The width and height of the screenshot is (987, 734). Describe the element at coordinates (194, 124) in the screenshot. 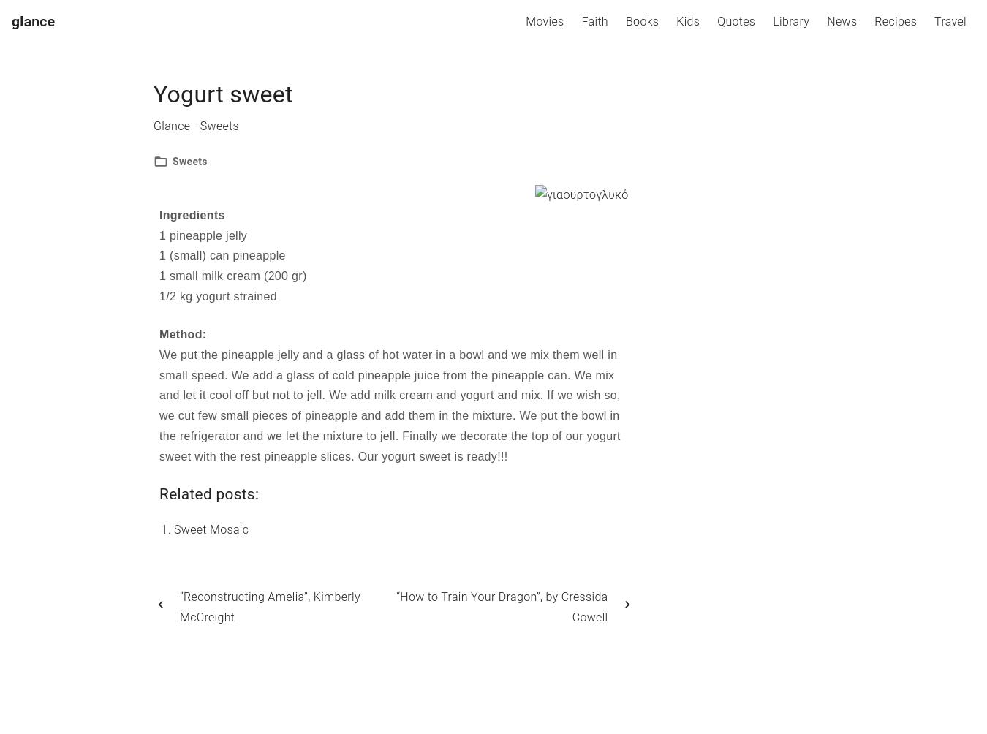

I see `'-'` at that location.